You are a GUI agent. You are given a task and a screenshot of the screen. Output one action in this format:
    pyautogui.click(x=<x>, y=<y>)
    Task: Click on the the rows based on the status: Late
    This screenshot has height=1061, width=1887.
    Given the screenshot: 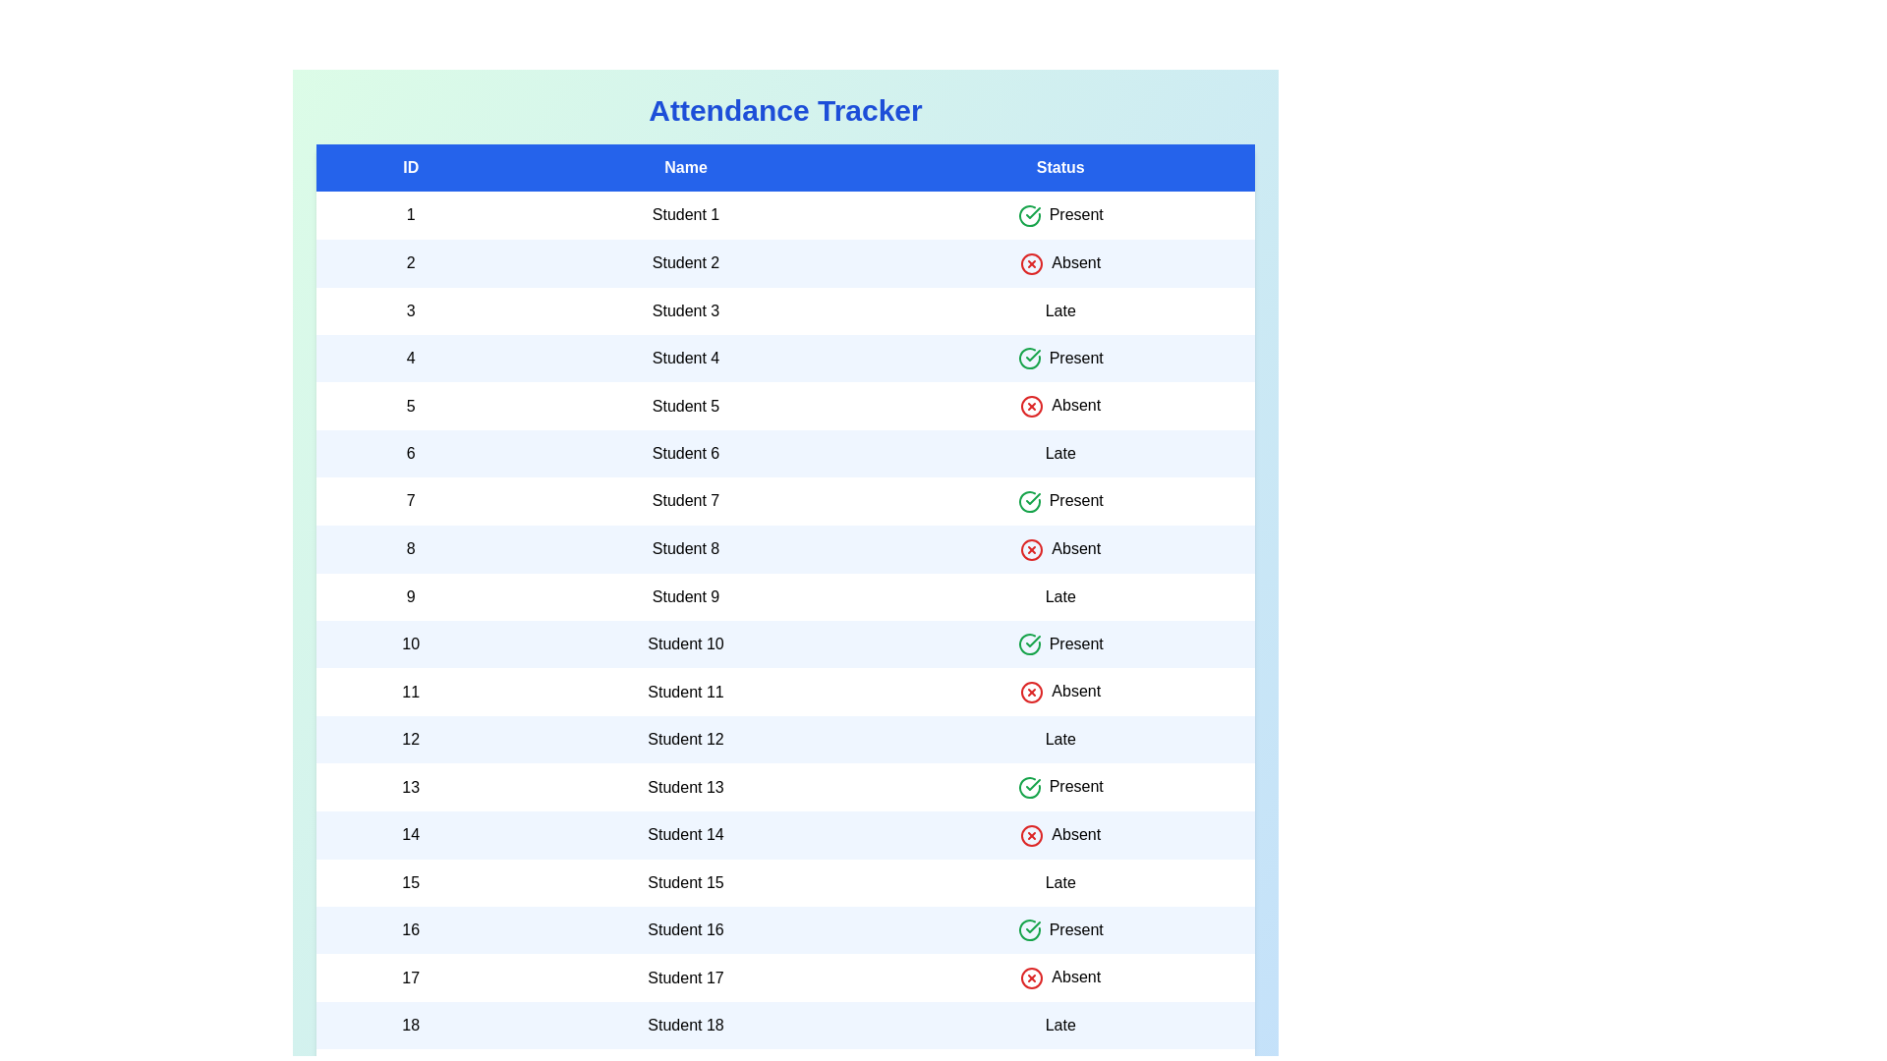 What is the action you would take?
    pyautogui.click(x=1059, y=309)
    